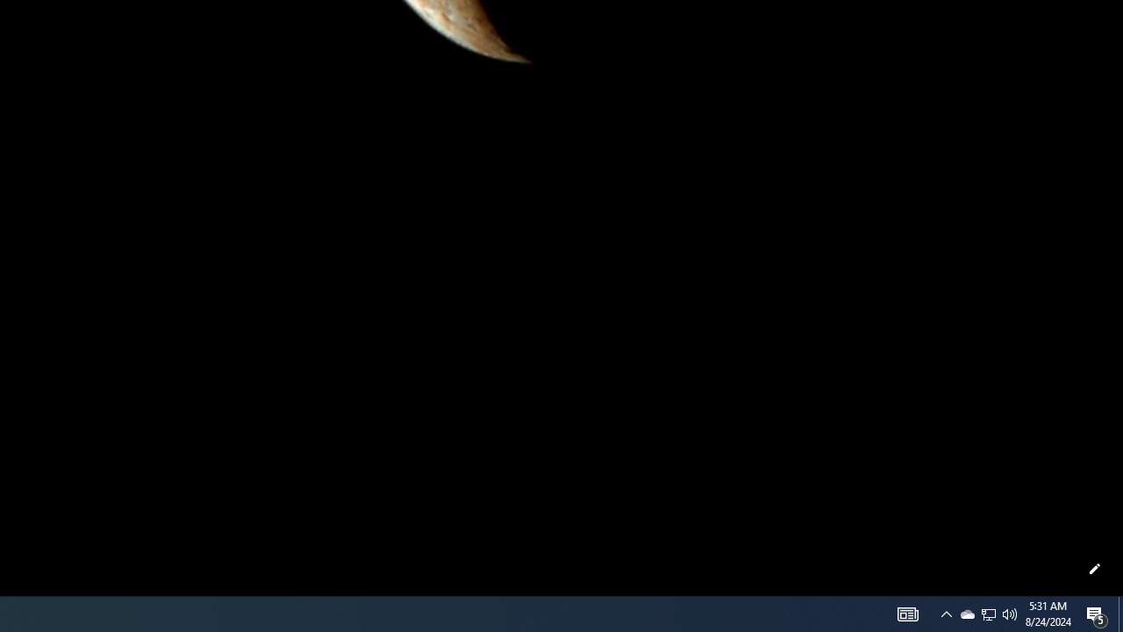  What do you see at coordinates (1094, 569) in the screenshot?
I see `'Customize this page'` at bounding box center [1094, 569].